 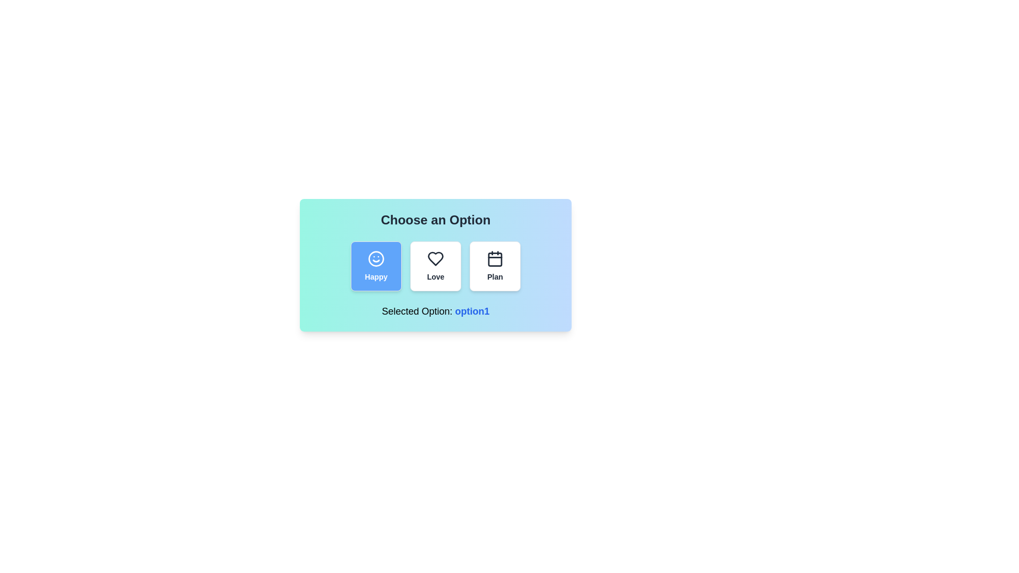 I want to click on on the Custom Component that displays the title 'Choose an Option' and contains options 'Happy', 'Love', and 'Plan', so click(x=435, y=265).